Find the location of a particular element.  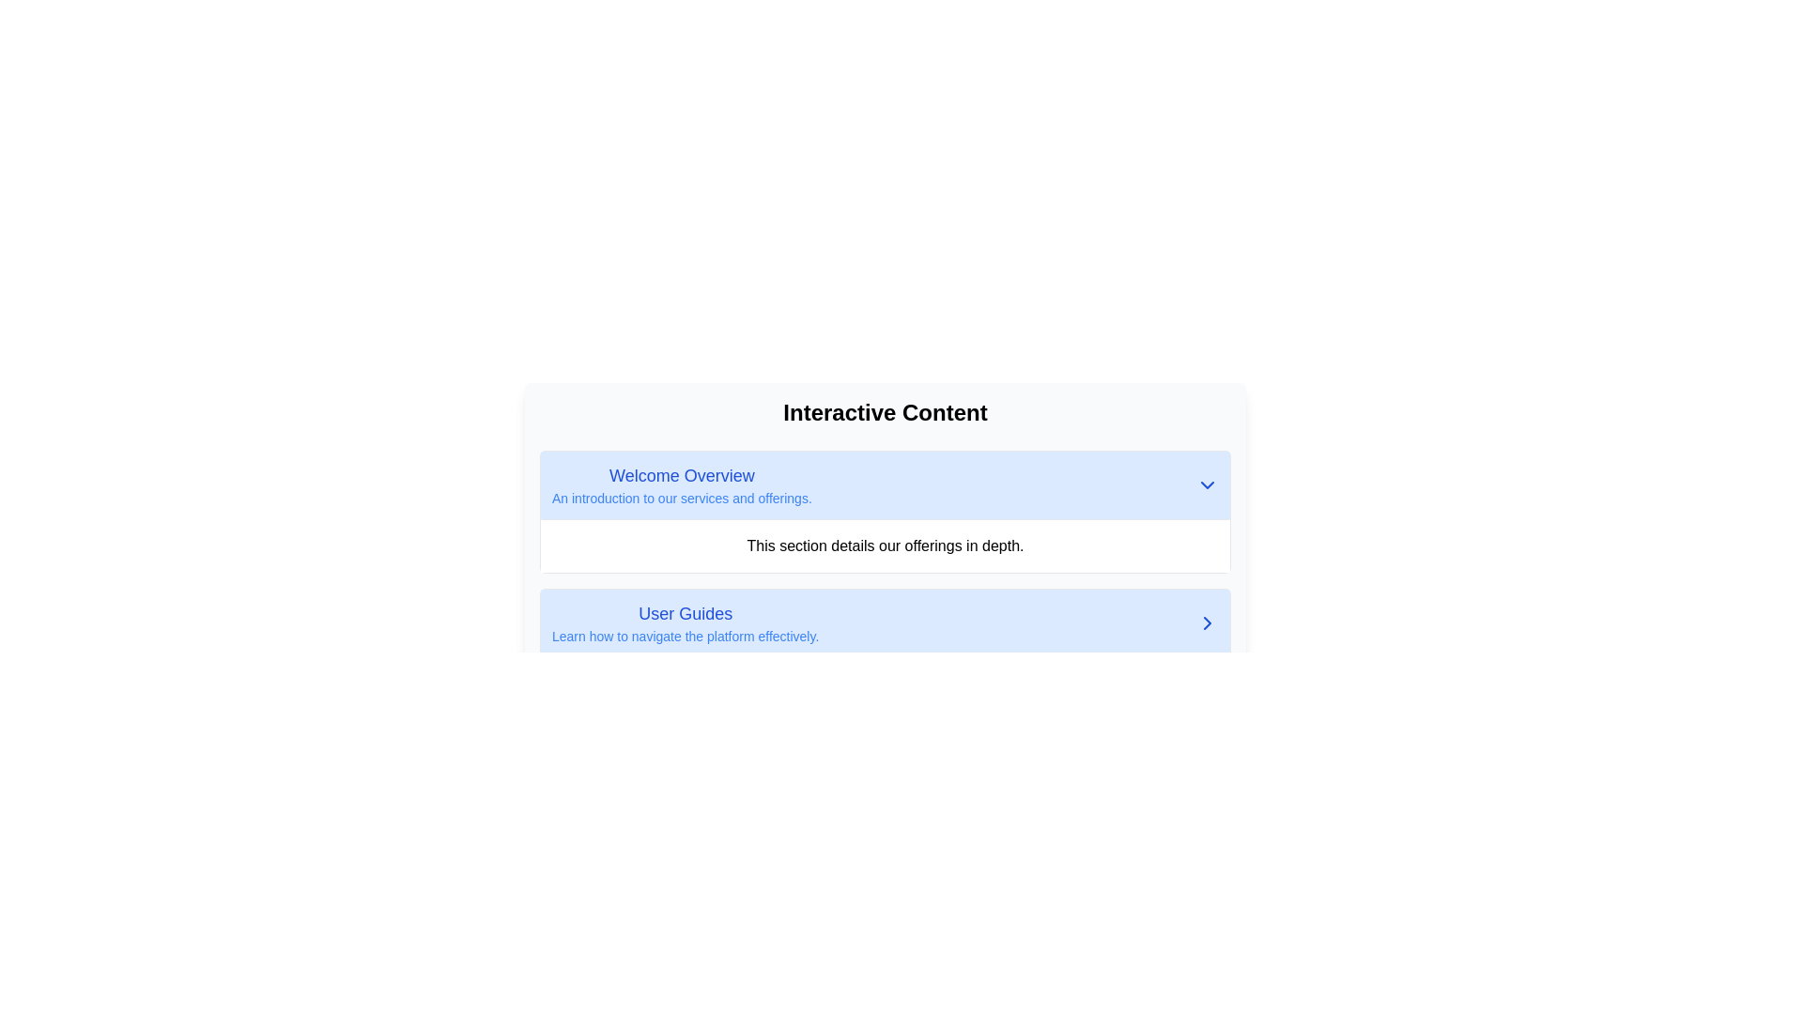

the button labeled 'User Guides' located below the 'Welcome Overview' item is located at coordinates (884, 622).